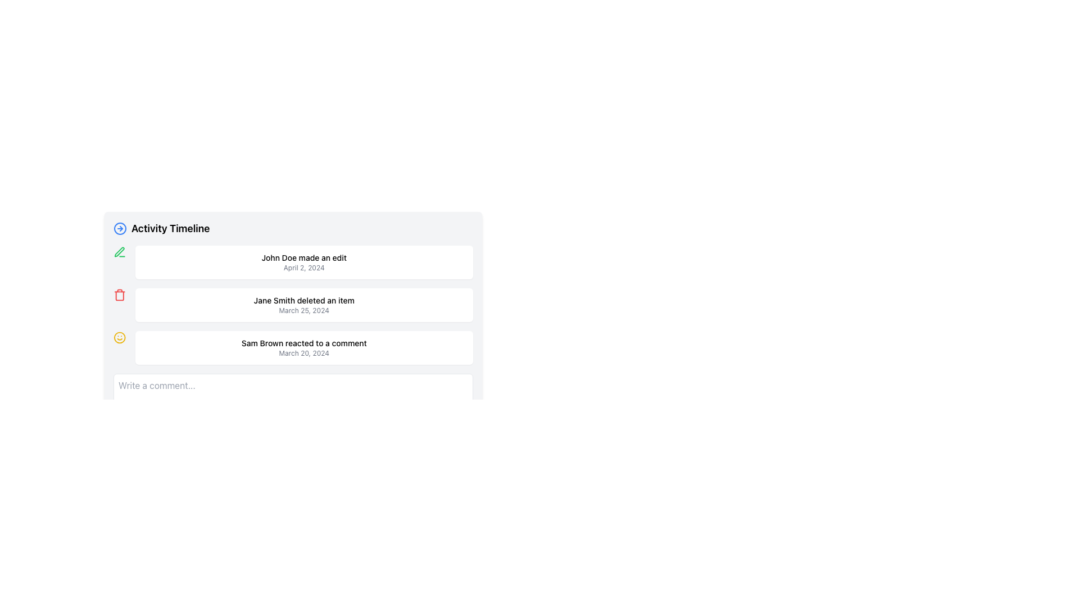 This screenshot has height=607, width=1079. What do you see at coordinates (293, 262) in the screenshot?
I see `the first List Item in the activity timeline indicating that 'John Doe made an edit' on 'April 2, 2024'` at bounding box center [293, 262].